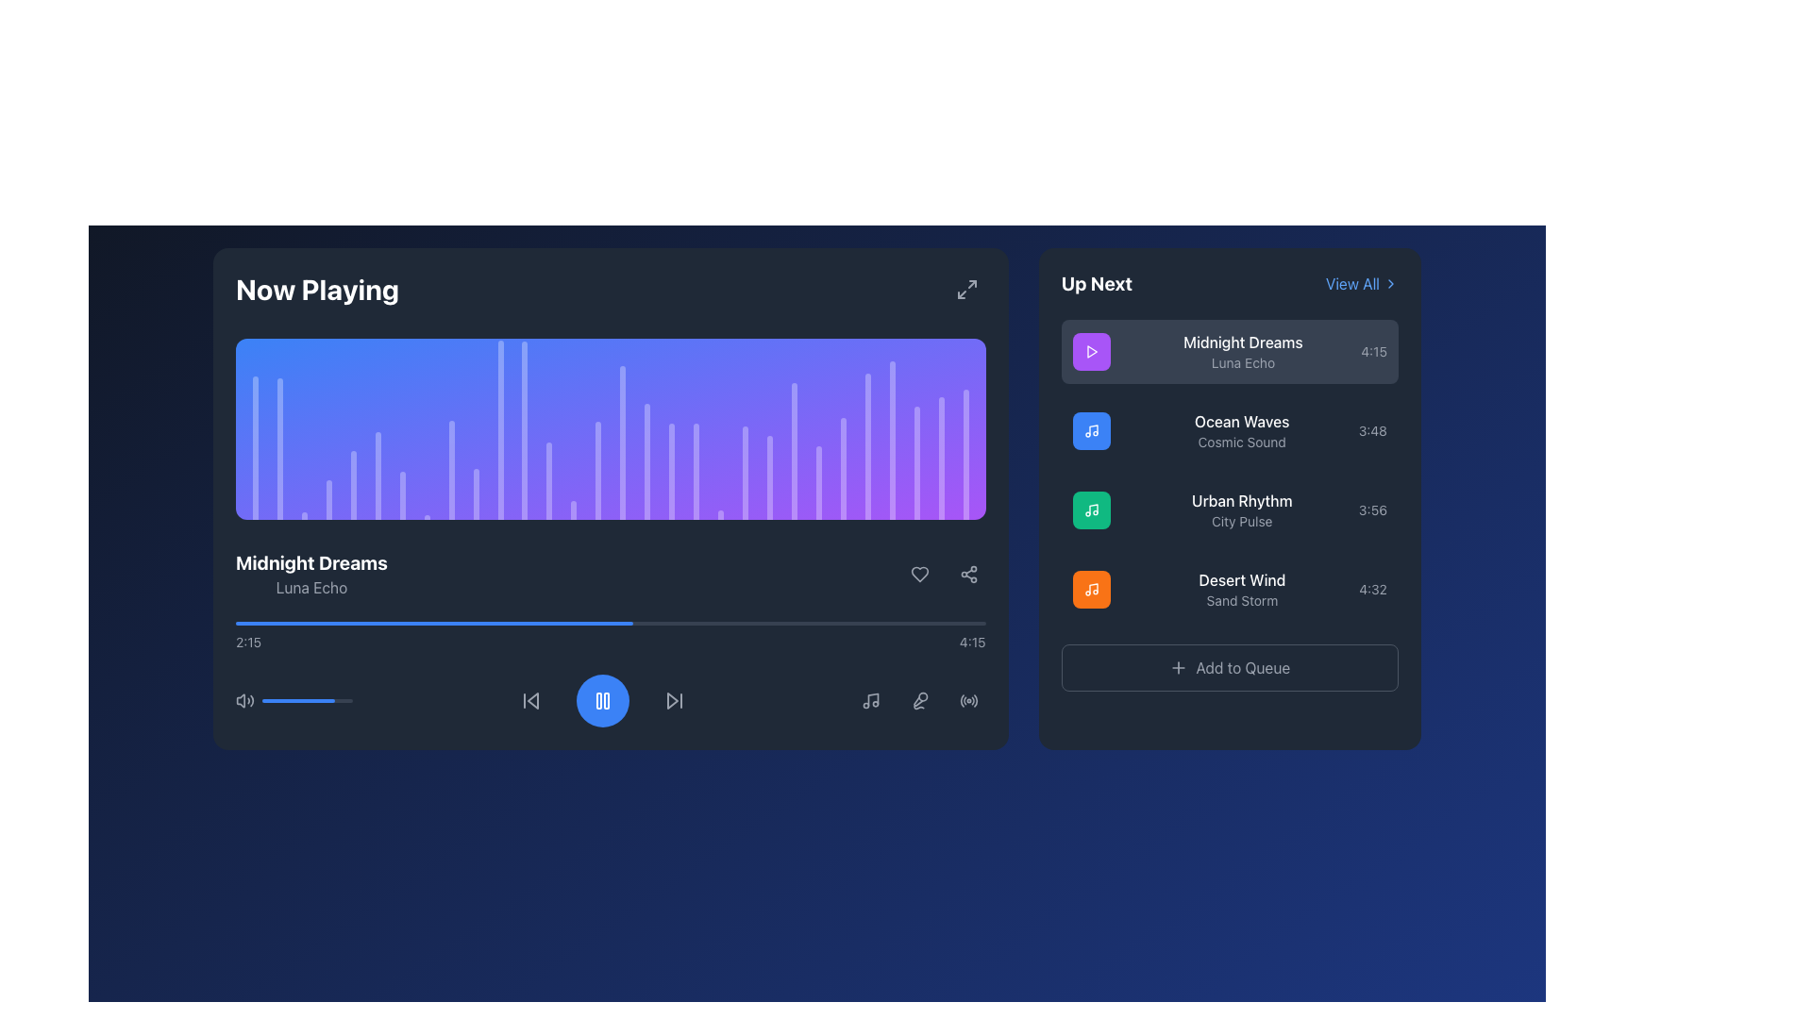 This screenshot has height=1019, width=1812. What do you see at coordinates (525, 430) in the screenshot?
I see `the twelfth vertical bar with a rounded top, styled with a light-colored gradient, located within the waveform visualization` at bounding box center [525, 430].